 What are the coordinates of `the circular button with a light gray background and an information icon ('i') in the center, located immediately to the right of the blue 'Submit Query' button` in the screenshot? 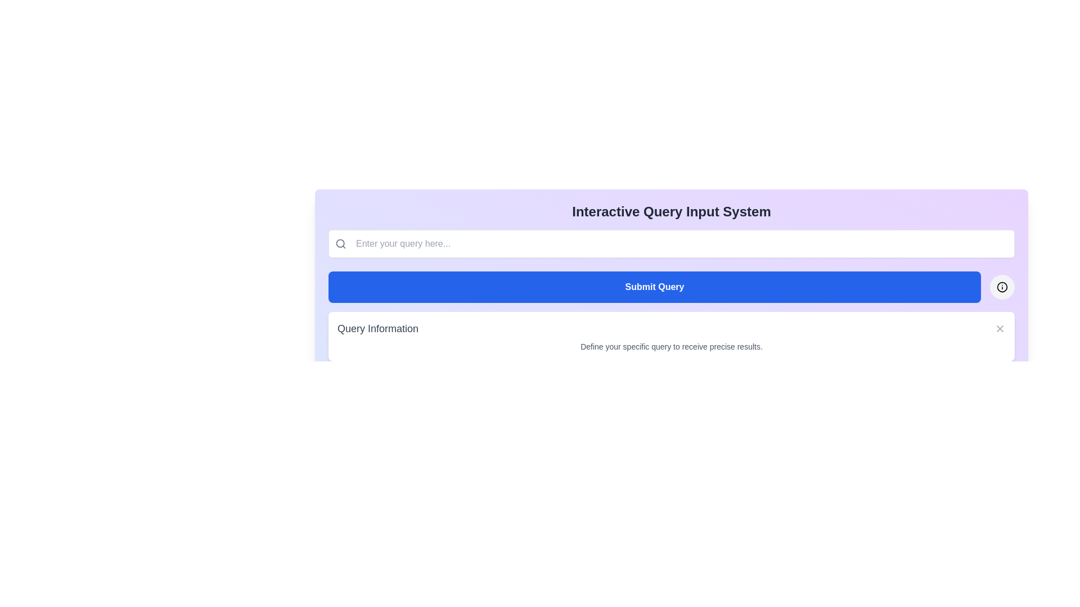 It's located at (1002, 286).